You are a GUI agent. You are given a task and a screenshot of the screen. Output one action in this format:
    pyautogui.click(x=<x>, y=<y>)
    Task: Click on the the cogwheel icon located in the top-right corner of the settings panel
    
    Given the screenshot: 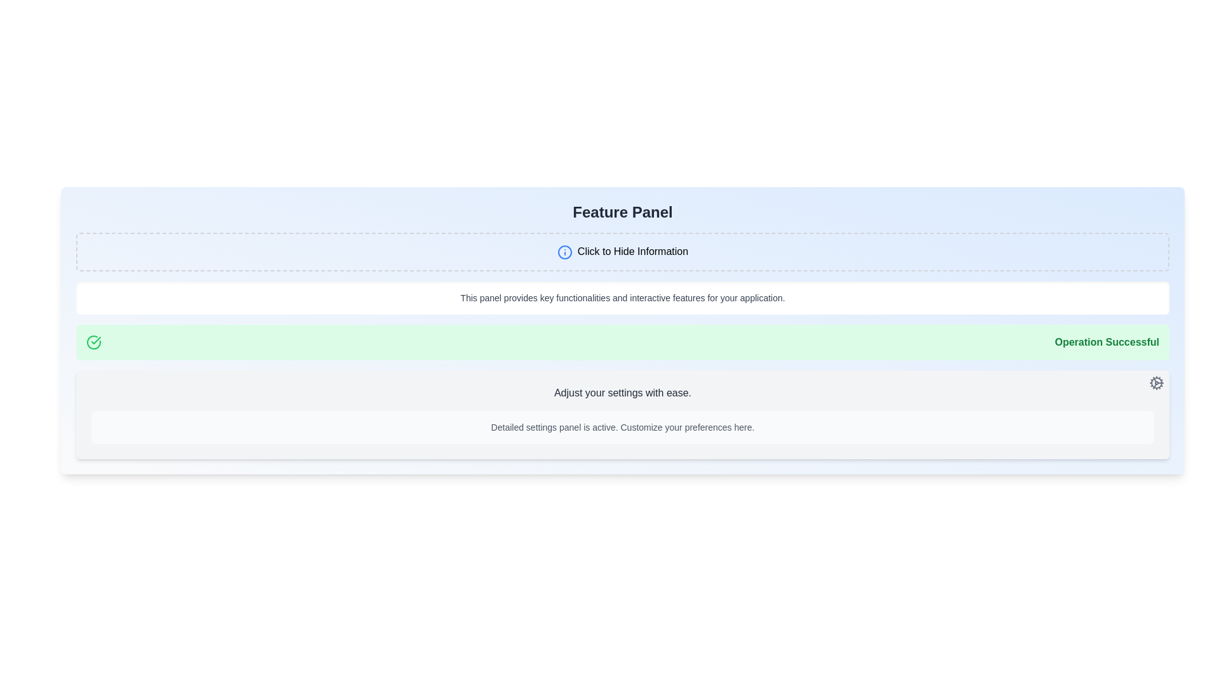 What is the action you would take?
    pyautogui.click(x=1157, y=381)
    